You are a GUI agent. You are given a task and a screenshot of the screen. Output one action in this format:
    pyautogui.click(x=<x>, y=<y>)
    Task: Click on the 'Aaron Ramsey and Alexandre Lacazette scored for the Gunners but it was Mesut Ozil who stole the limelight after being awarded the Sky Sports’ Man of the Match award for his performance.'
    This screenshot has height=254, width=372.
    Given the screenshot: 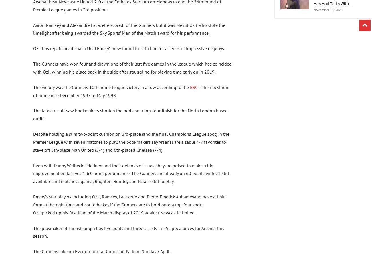 What is the action you would take?
    pyautogui.click(x=129, y=29)
    